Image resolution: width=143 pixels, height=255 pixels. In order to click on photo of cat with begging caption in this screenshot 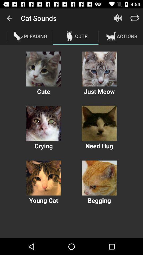, I will do `click(99, 178)`.